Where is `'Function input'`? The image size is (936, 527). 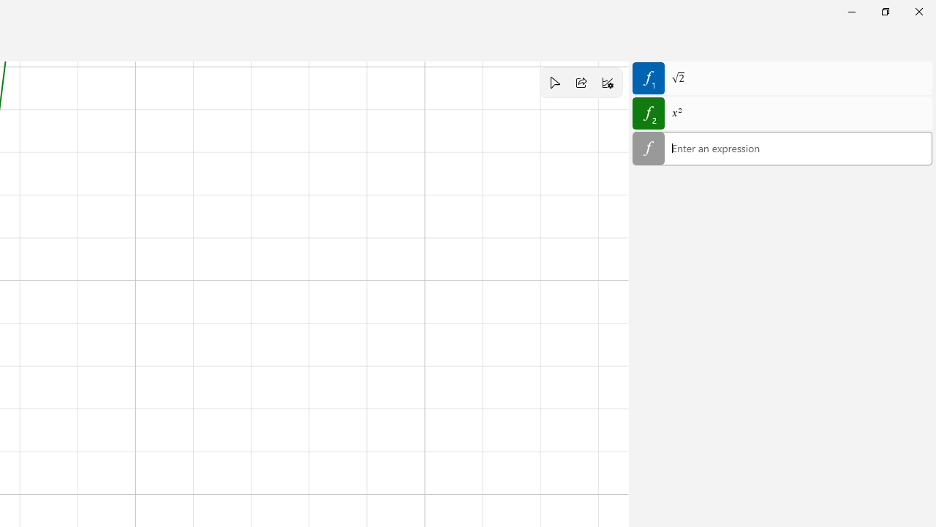 'Function input' is located at coordinates (782, 149).